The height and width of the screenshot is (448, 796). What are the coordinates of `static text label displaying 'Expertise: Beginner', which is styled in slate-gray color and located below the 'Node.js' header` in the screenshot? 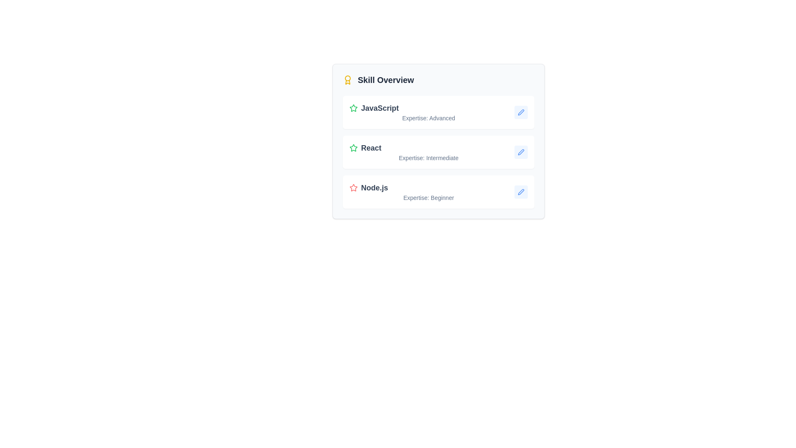 It's located at (428, 198).